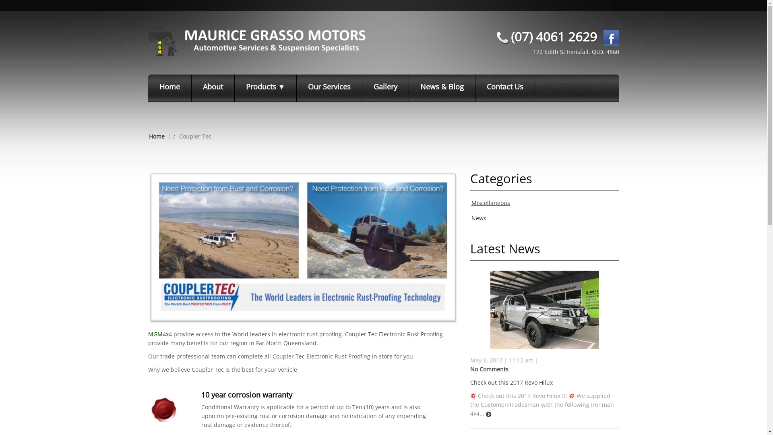 The height and width of the screenshot is (435, 773). Describe the element at coordinates (169, 88) in the screenshot. I see `'Home'` at that location.